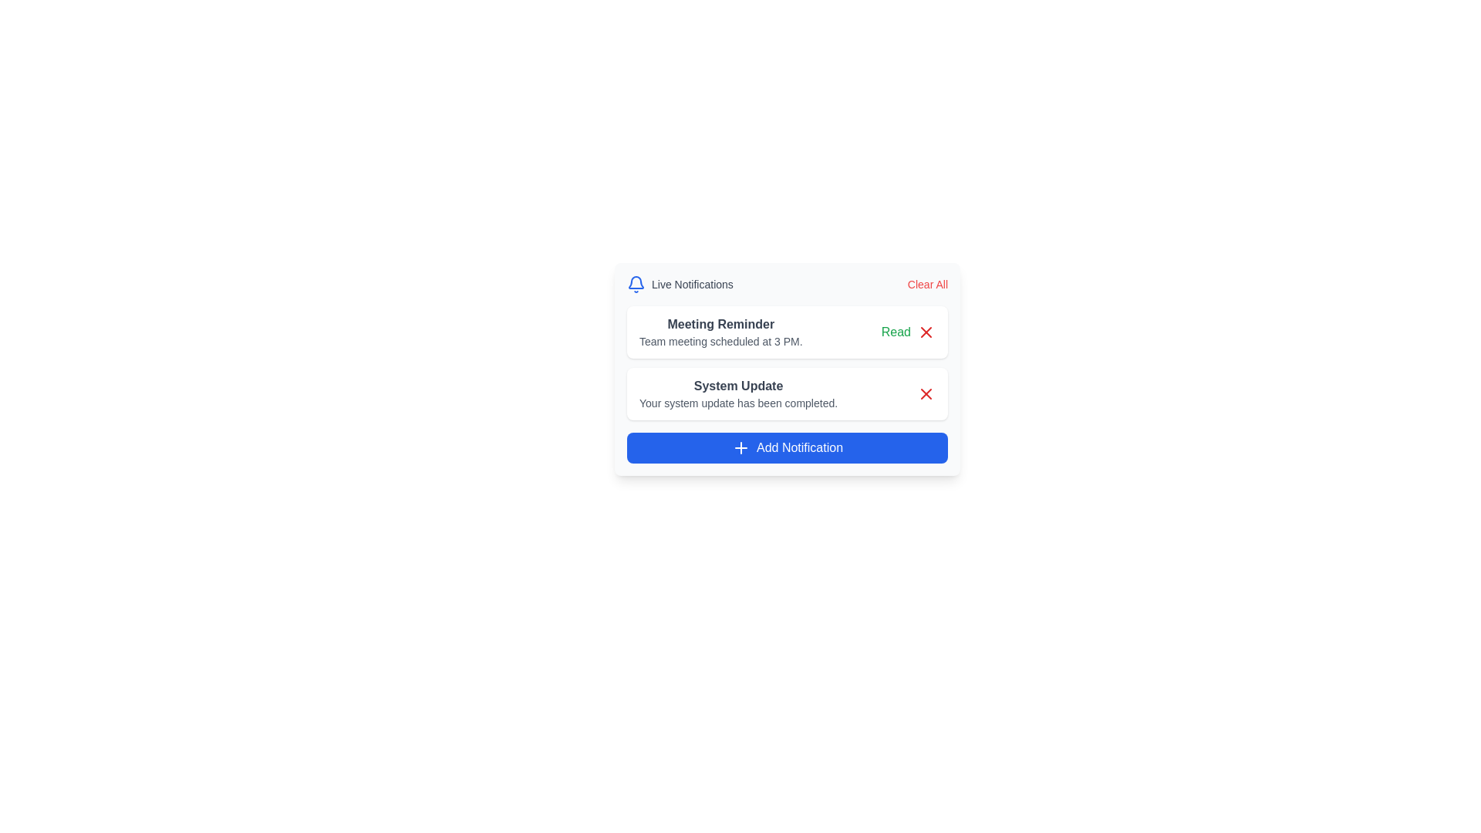 The image size is (1481, 833). Describe the element at coordinates (720, 341) in the screenshot. I see `the text label that displays 'Team meeting scheduled at 3 PM.' which is styled in gray and positioned below the 'Meeting Reminder' title within the notification card` at that location.